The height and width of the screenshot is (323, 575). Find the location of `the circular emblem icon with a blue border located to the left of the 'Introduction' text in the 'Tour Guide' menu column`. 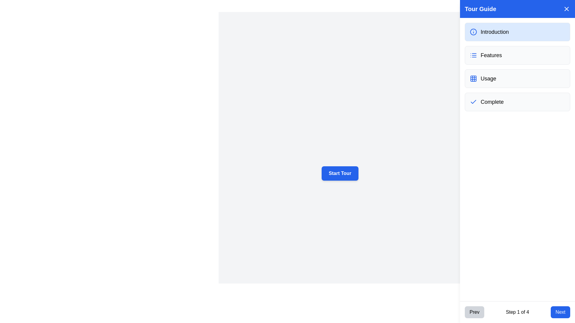

the circular emblem icon with a blue border located to the left of the 'Introduction' text in the 'Tour Guide' menu column is located at coordinates (473, 32).